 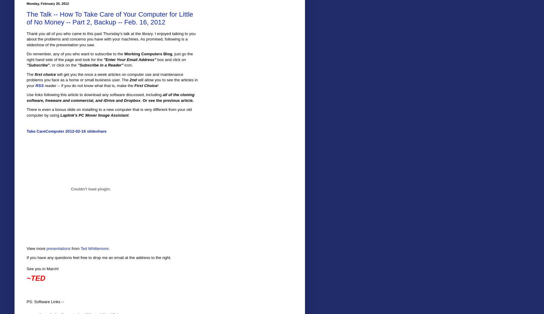 I want to click on '"Enter Your Email Address"', so click(x=103, y=59).